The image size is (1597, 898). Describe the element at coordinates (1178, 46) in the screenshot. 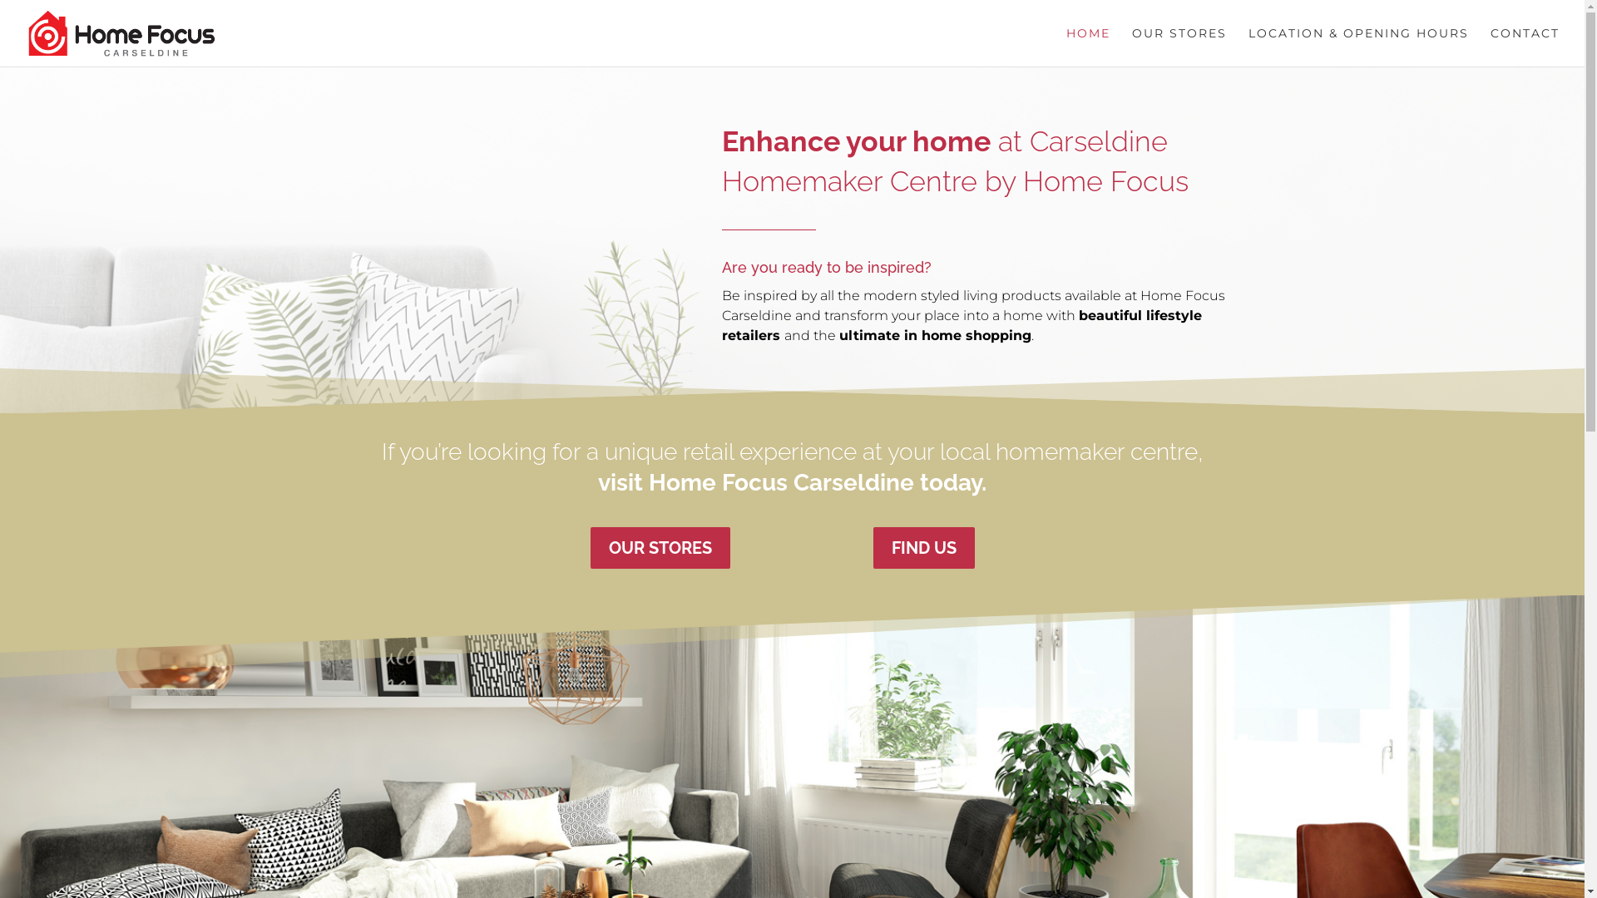

I see `'OUR STORES'` at that location.